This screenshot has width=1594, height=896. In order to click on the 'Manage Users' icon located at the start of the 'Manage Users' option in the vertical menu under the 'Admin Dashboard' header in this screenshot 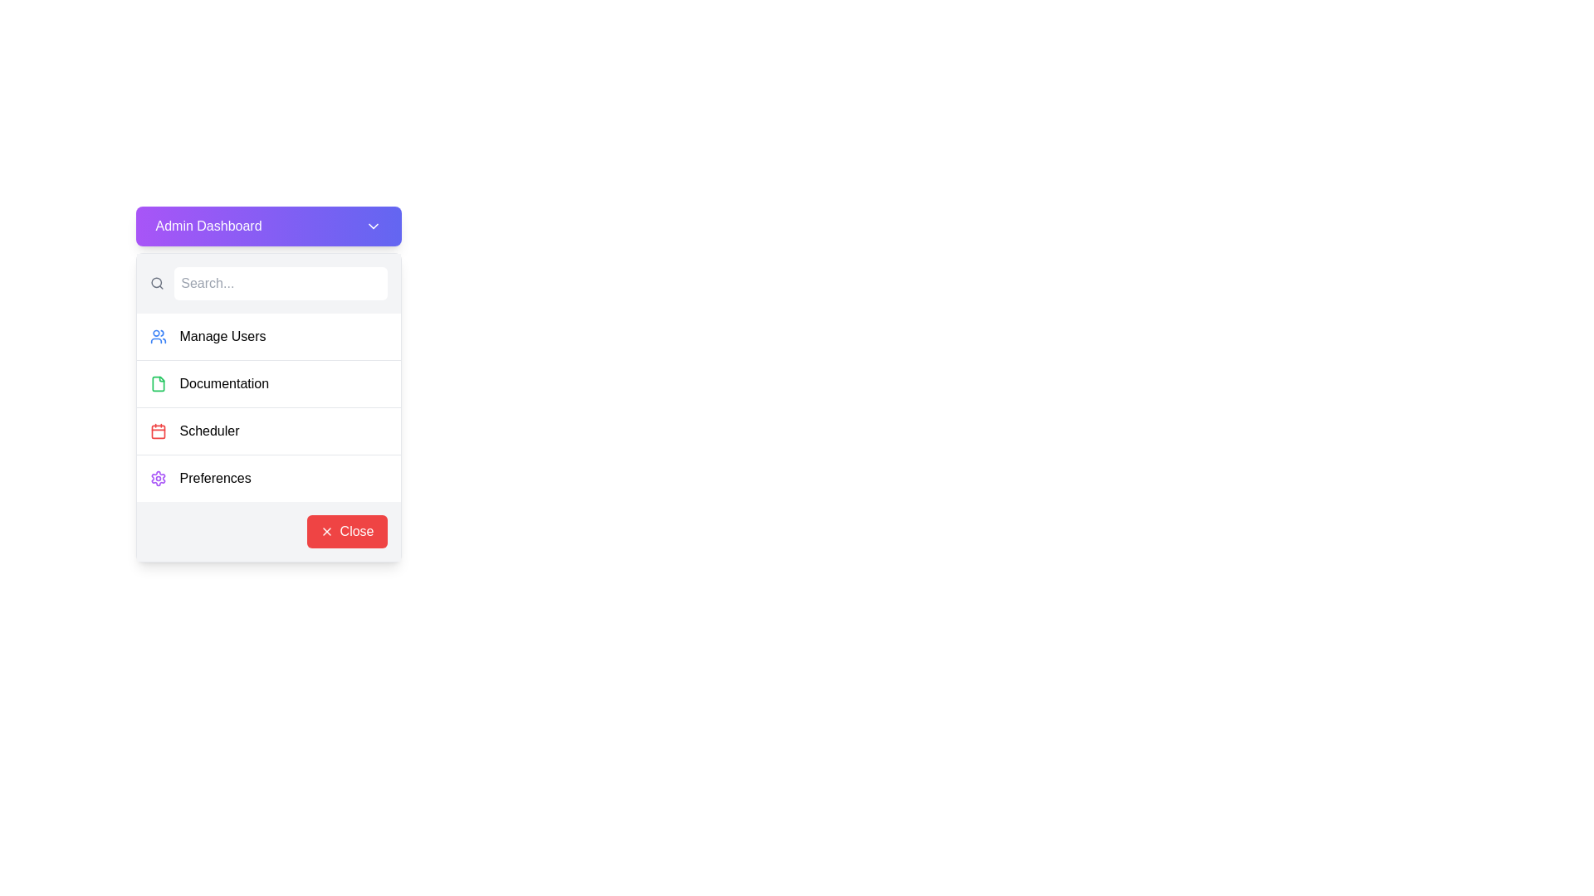, I will do `click(158, 336)`.